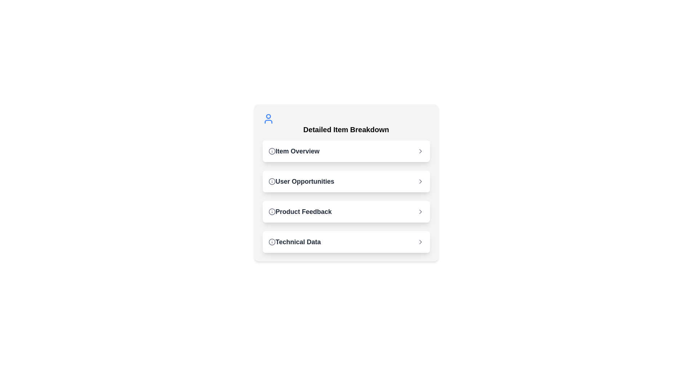 The width and height of the screenshot is (692, 389). Describe the element at coordinates (346, 151) in the screenshot. I see `the 'Item Overview' button-like interactive list item, which is the topmost option` at that location.